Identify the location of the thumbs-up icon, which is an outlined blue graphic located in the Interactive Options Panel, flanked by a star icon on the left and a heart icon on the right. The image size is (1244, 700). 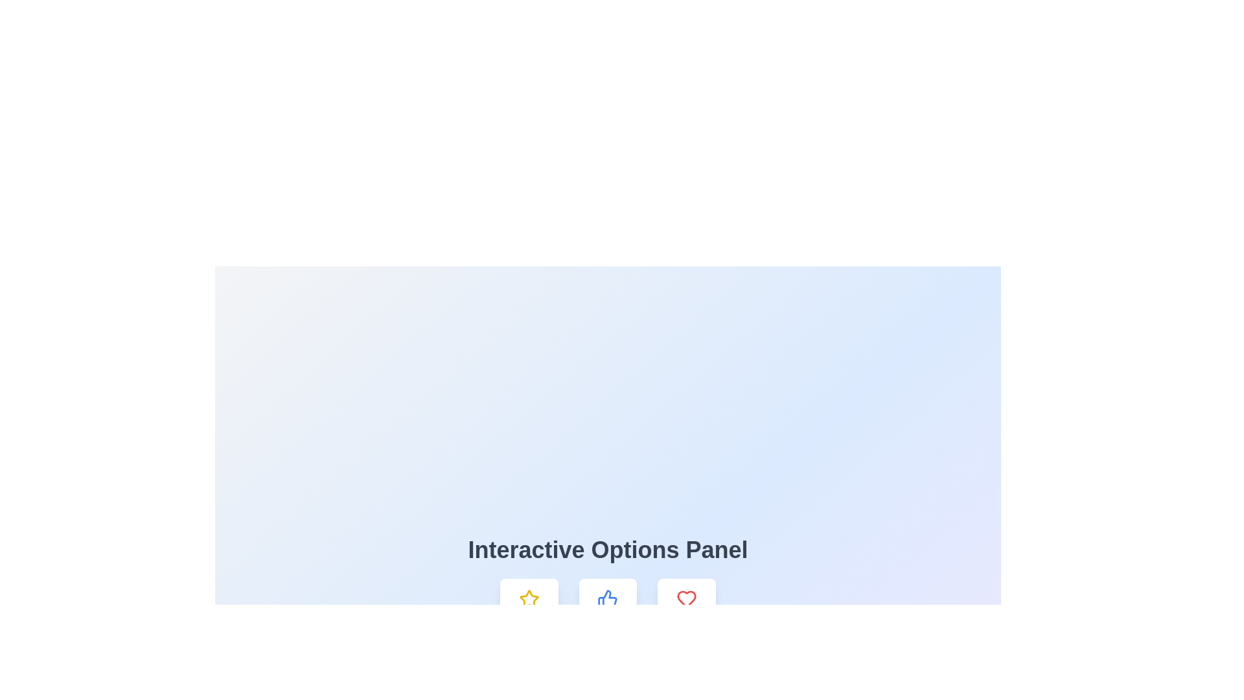
(607, 600).